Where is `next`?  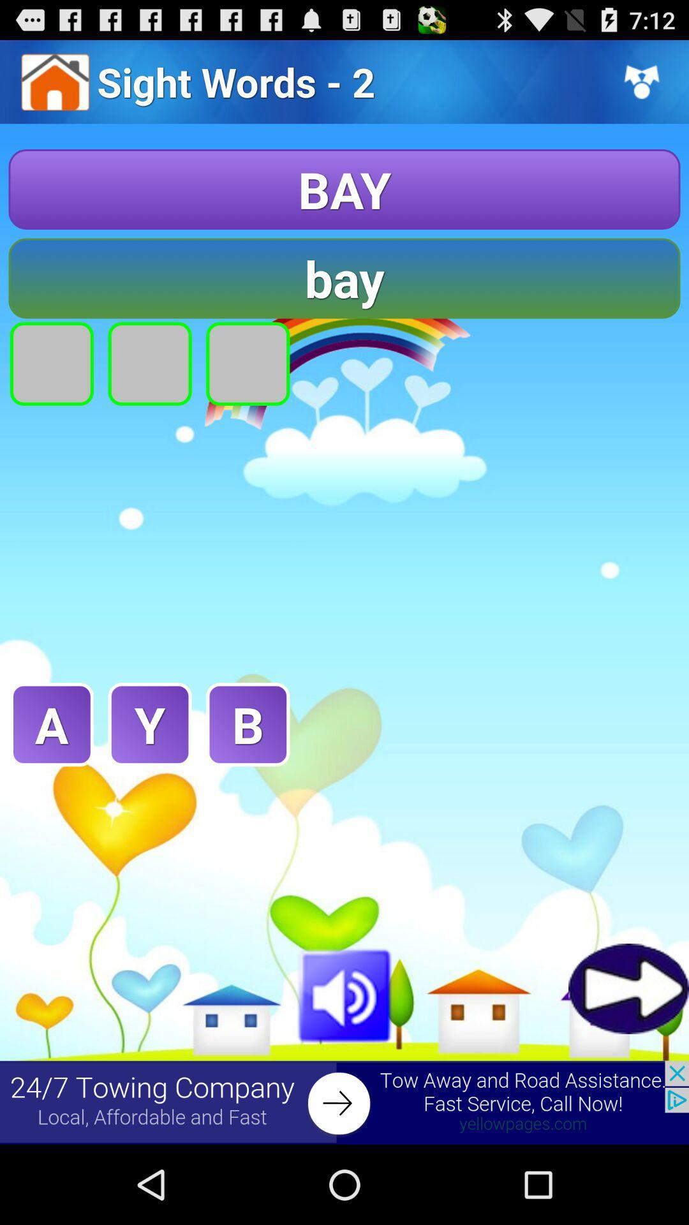 next is located at coordinates (628, 988).